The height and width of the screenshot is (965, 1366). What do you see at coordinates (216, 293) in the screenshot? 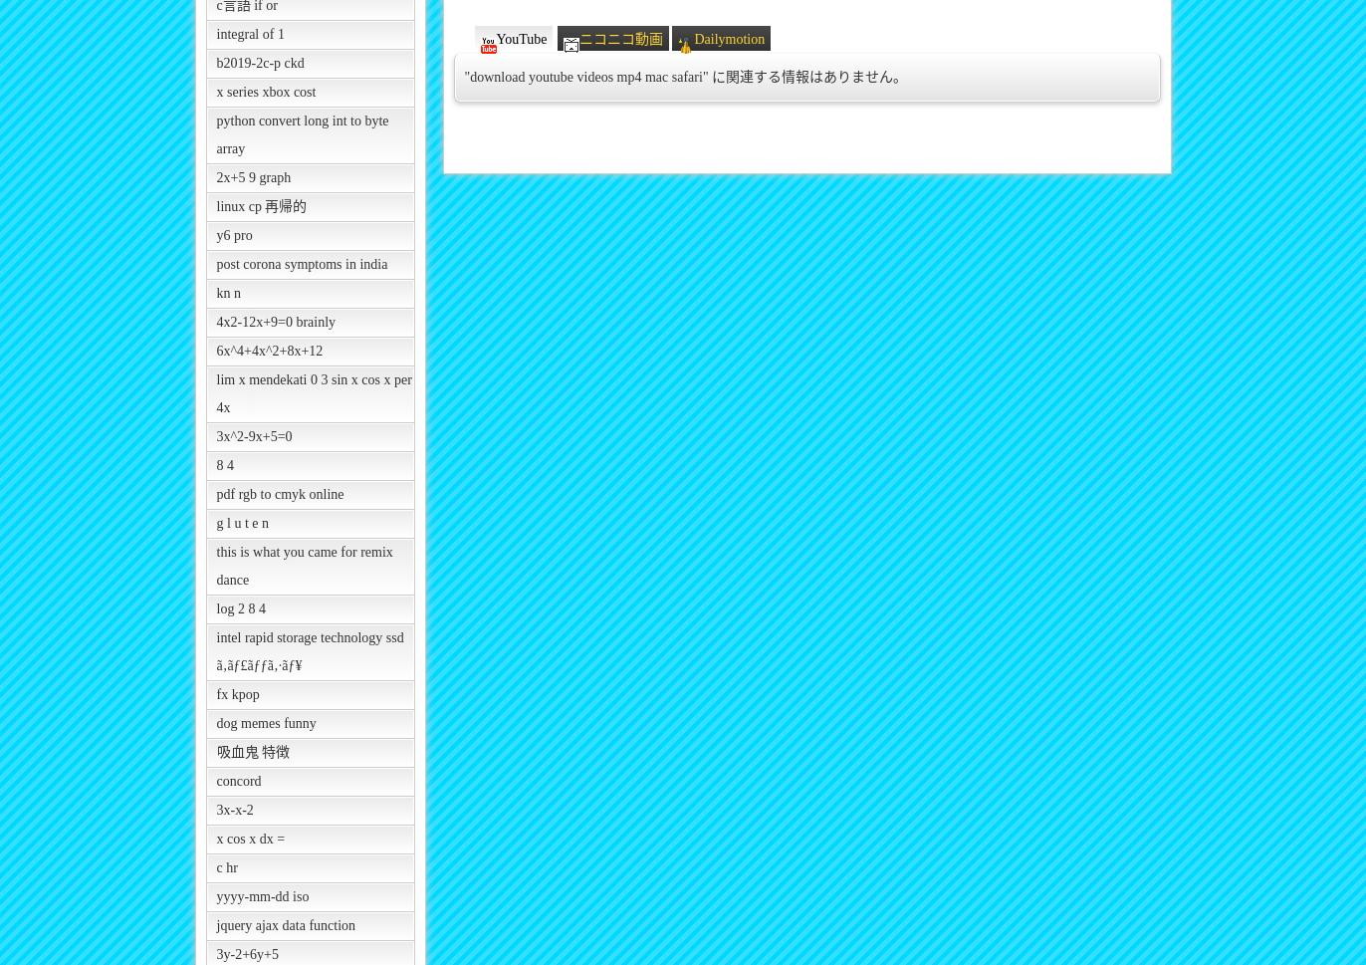
I see `'kn n'` at bounding box center [216, 293].